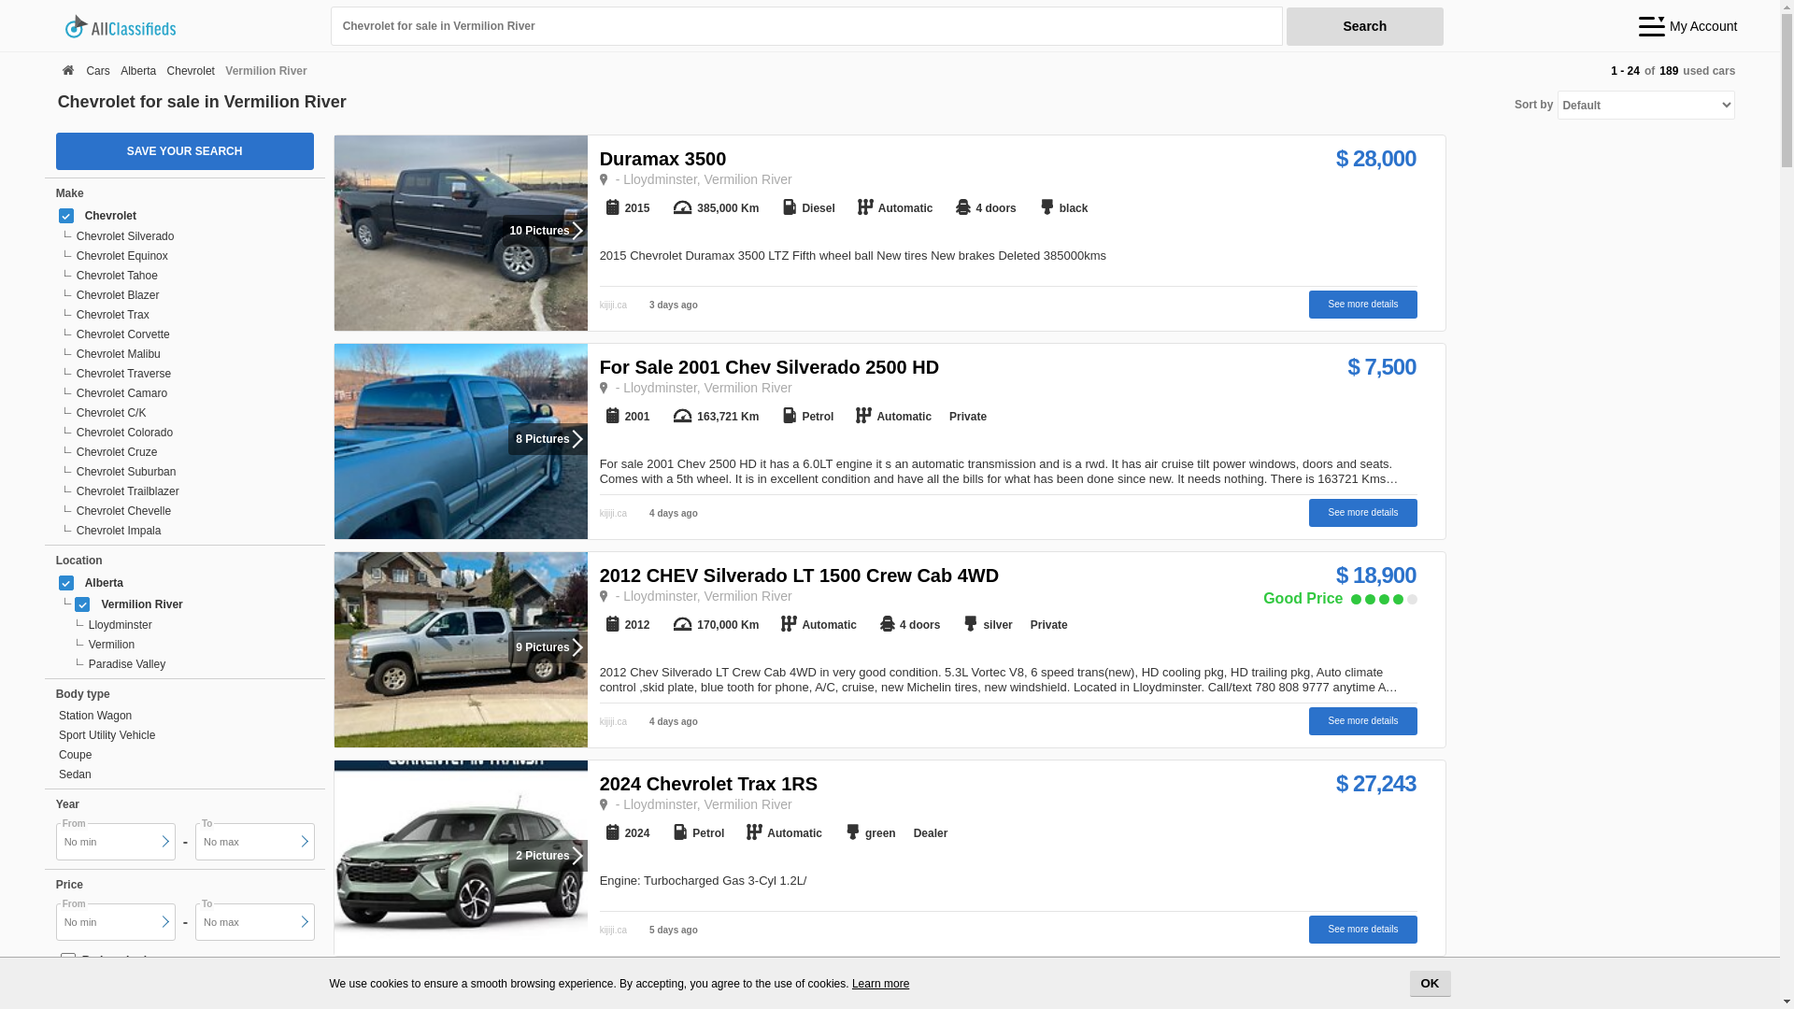 This screenshot has width=1794, height=1009. Describe the element at coordinates (1429, 983) in the screenshot. I see `'OK'` at that location.